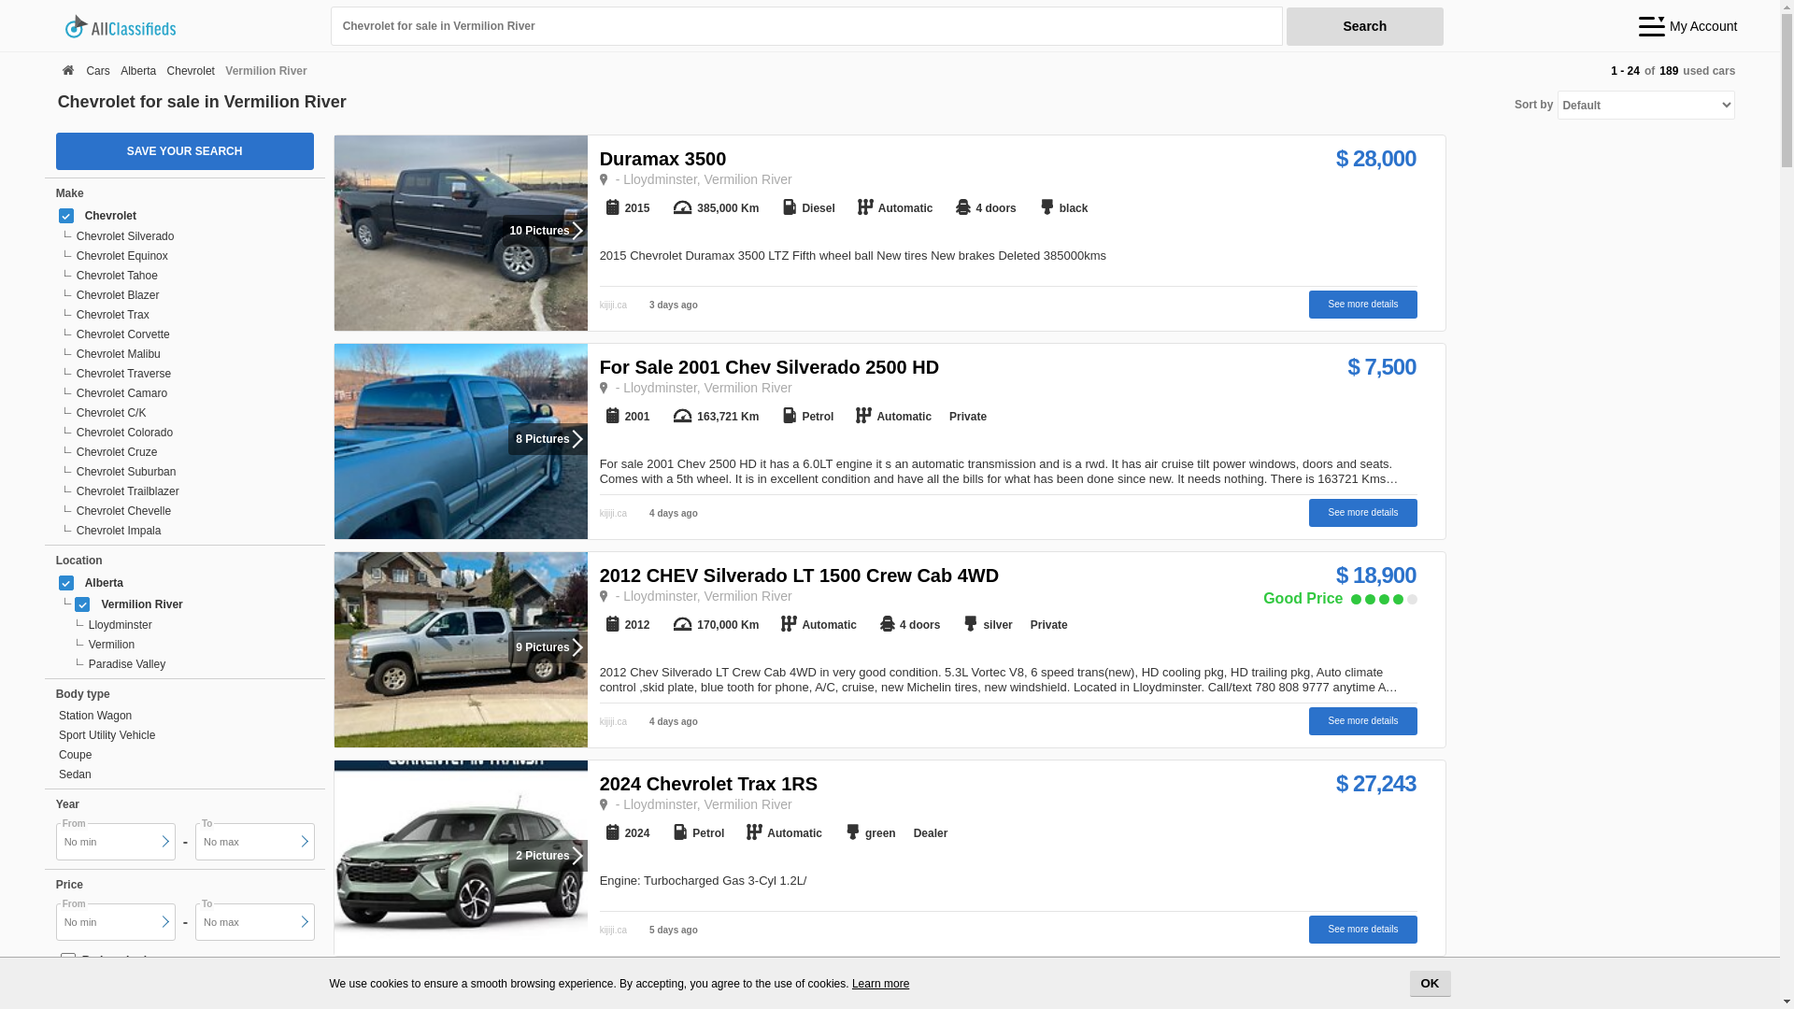 This screenshot has width=1794, height=1009. Describe the element at coordinates (1429, 983) in the screenshot. I see `'OK'` at that location.